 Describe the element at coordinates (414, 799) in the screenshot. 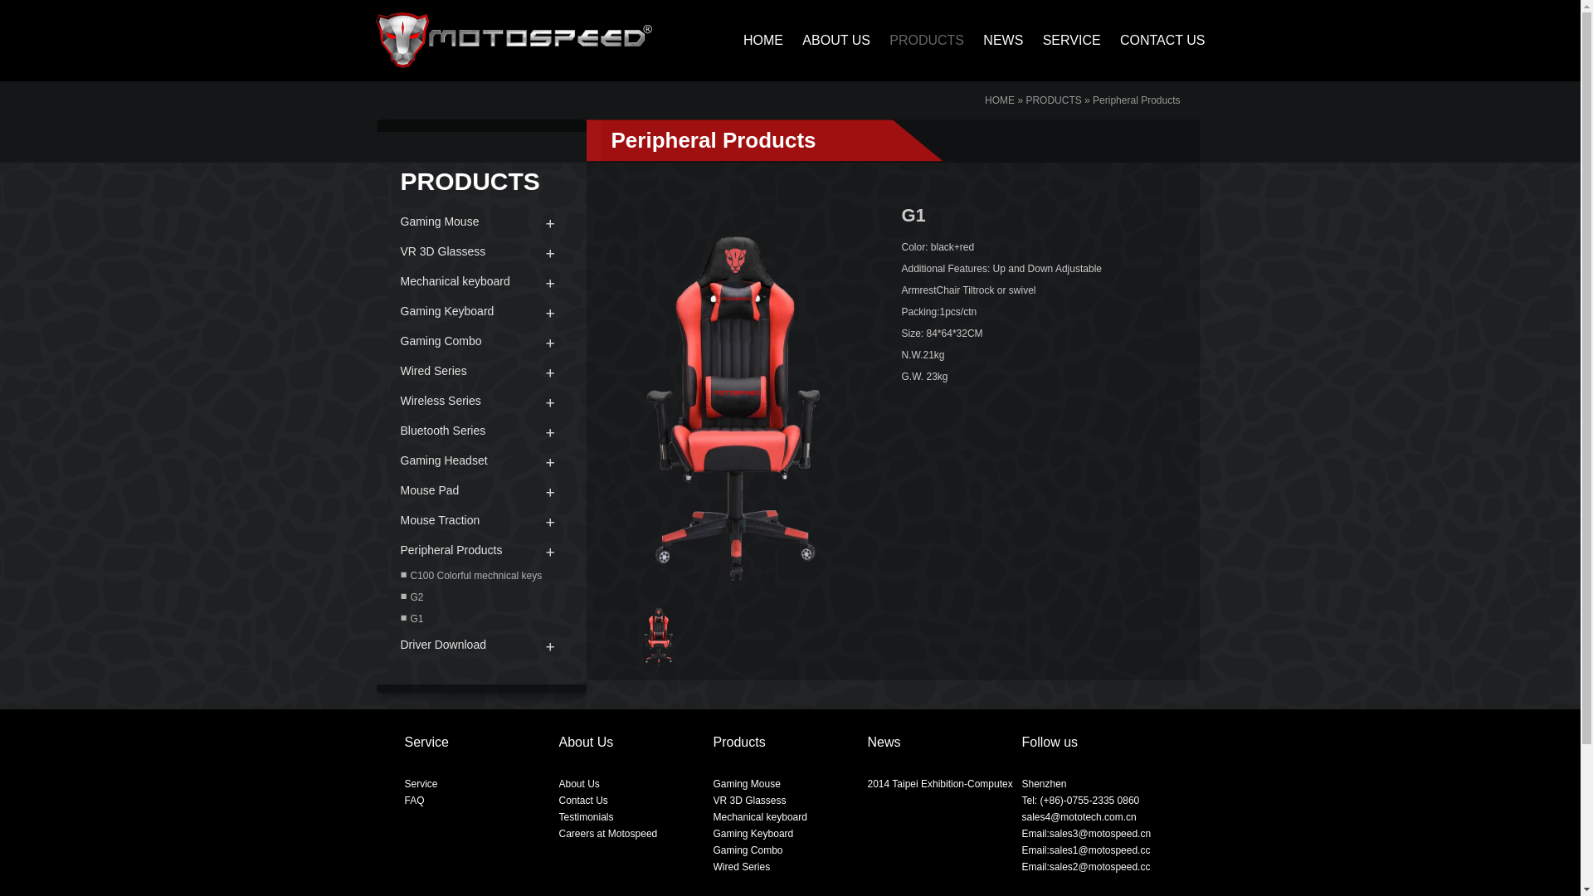

I see `'FAQ'` at that location.